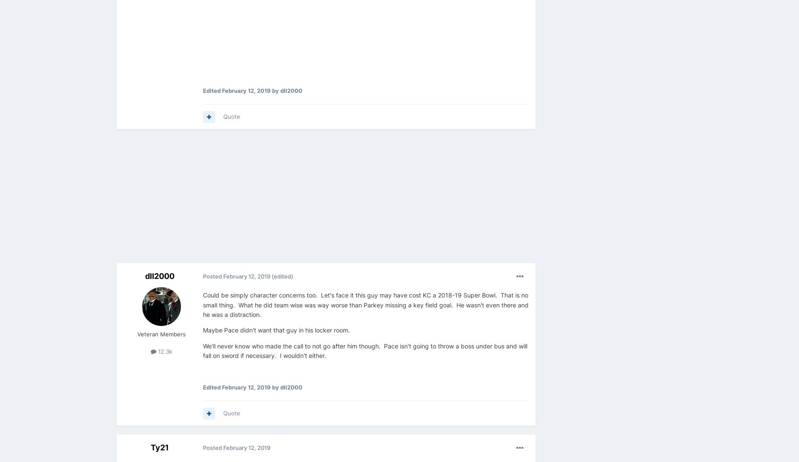  Describe the element at coordinates (159, 276) in the screenshot. I see `'dll2000'` at that location.